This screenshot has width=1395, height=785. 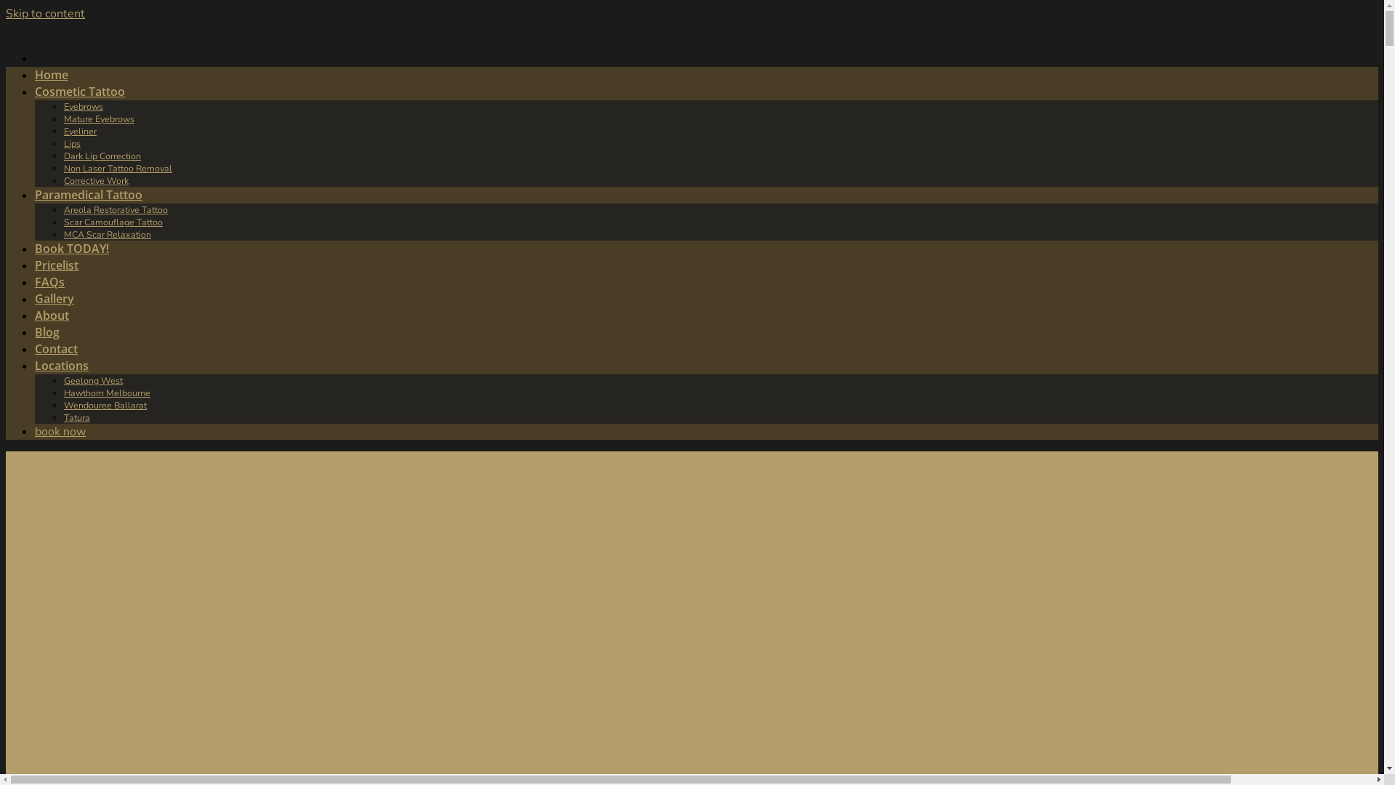 I want to click on 'Pricelist', so click(x=56, y=265).